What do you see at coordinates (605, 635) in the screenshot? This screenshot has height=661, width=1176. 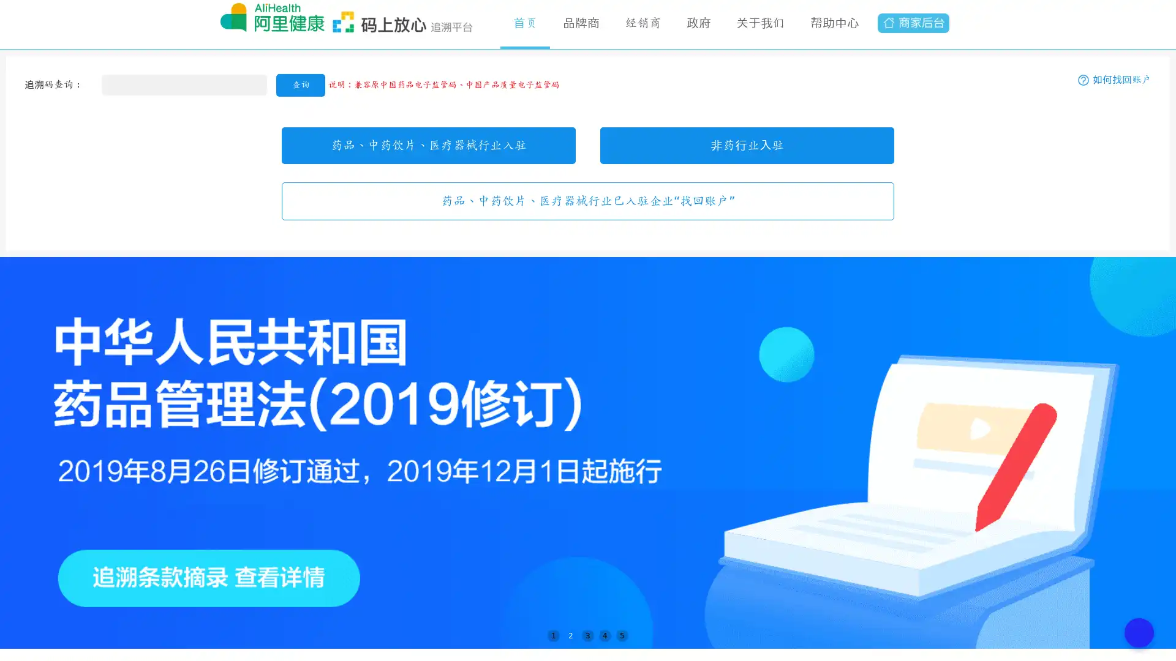 I see `Go to slide 4` at bounding box center [605, 635].